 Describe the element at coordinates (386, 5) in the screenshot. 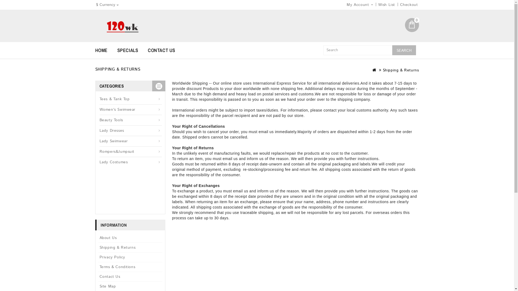

I see `'Wish List'` at that location.